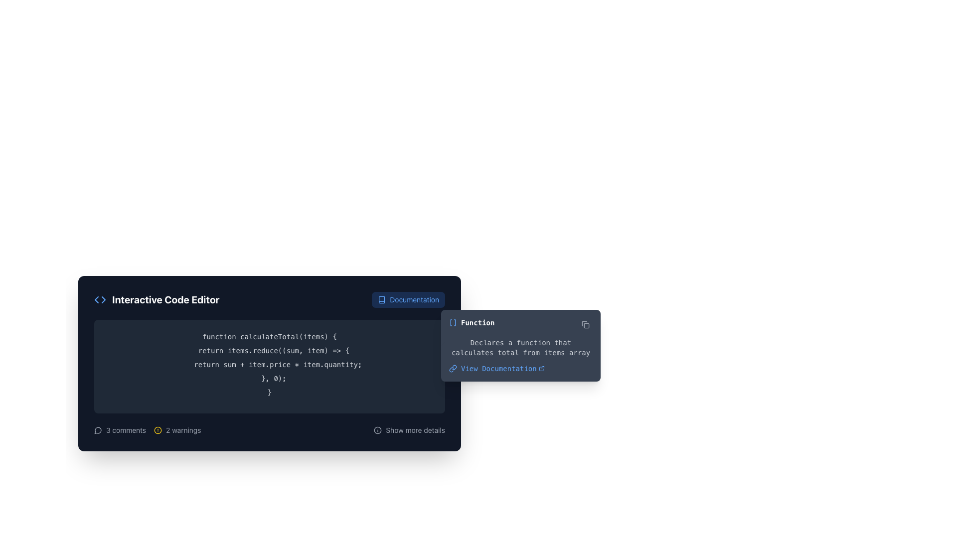 The width and height of the screenshot is (957, 538). Describe the element at coordinates (415, 430) in the screenshot. I see `the interactive text label located at the bottom right of the code editor panel` at that location.